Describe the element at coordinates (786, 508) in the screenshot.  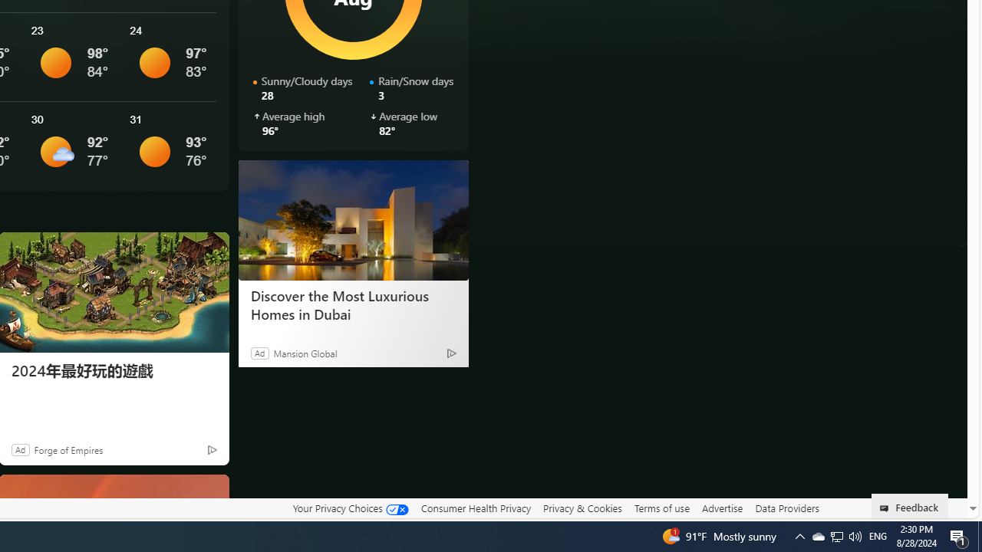
I see `'Data Providers'` at that location.